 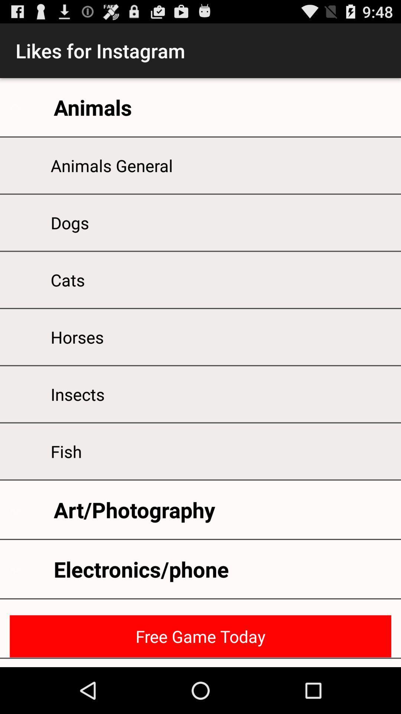 What do you see at coordinates (200, 636) in the screenshot?
I see `the free game today app` at bounding box center [200, 636].